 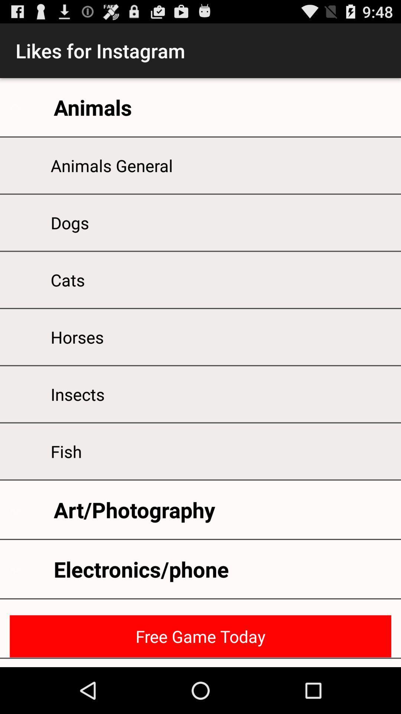 What do you see at coordinates (200, 636) in the screenshot?
I see `the free game today app` at bounding box center [200, 636].